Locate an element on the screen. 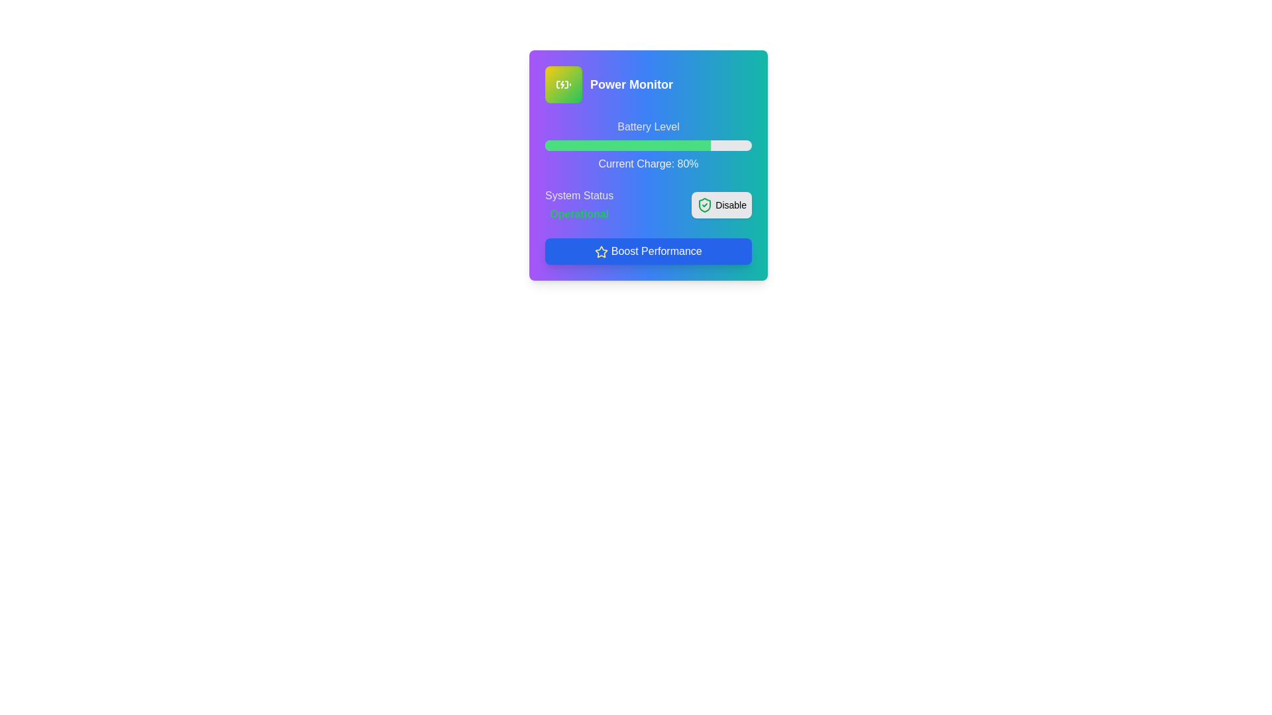 Image resolution: width=1272 pixels, height=715 pixels. the 'Power Monitor' label with a decorative battery icon is located at coordinates (649, 84).